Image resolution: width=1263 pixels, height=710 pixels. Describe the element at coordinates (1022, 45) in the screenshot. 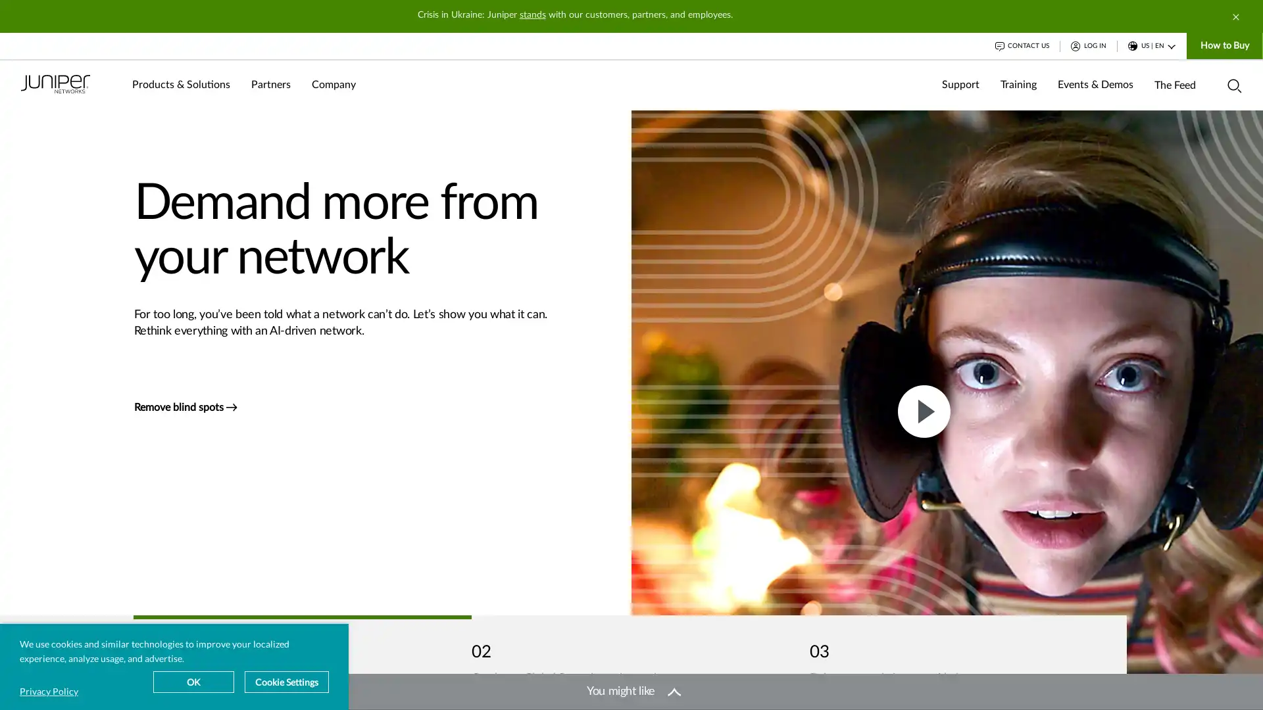

I see `CONTACT US` at that location.